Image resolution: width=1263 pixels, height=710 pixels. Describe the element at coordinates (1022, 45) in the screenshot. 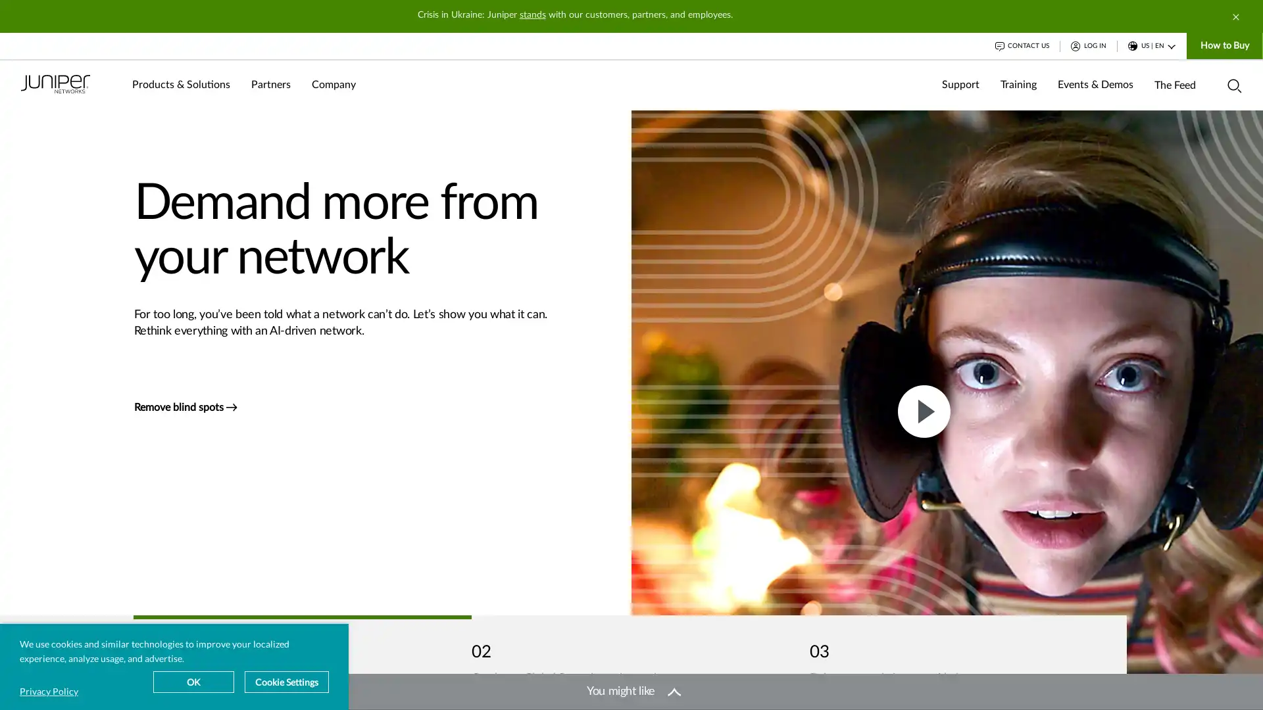

I see `CONTACT US` at that location.